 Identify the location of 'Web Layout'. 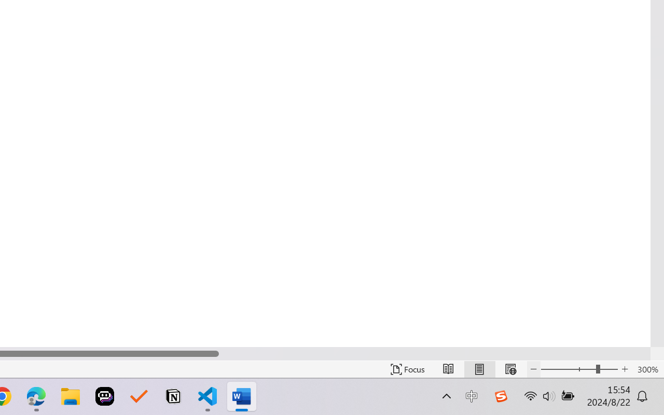
(510, 369).